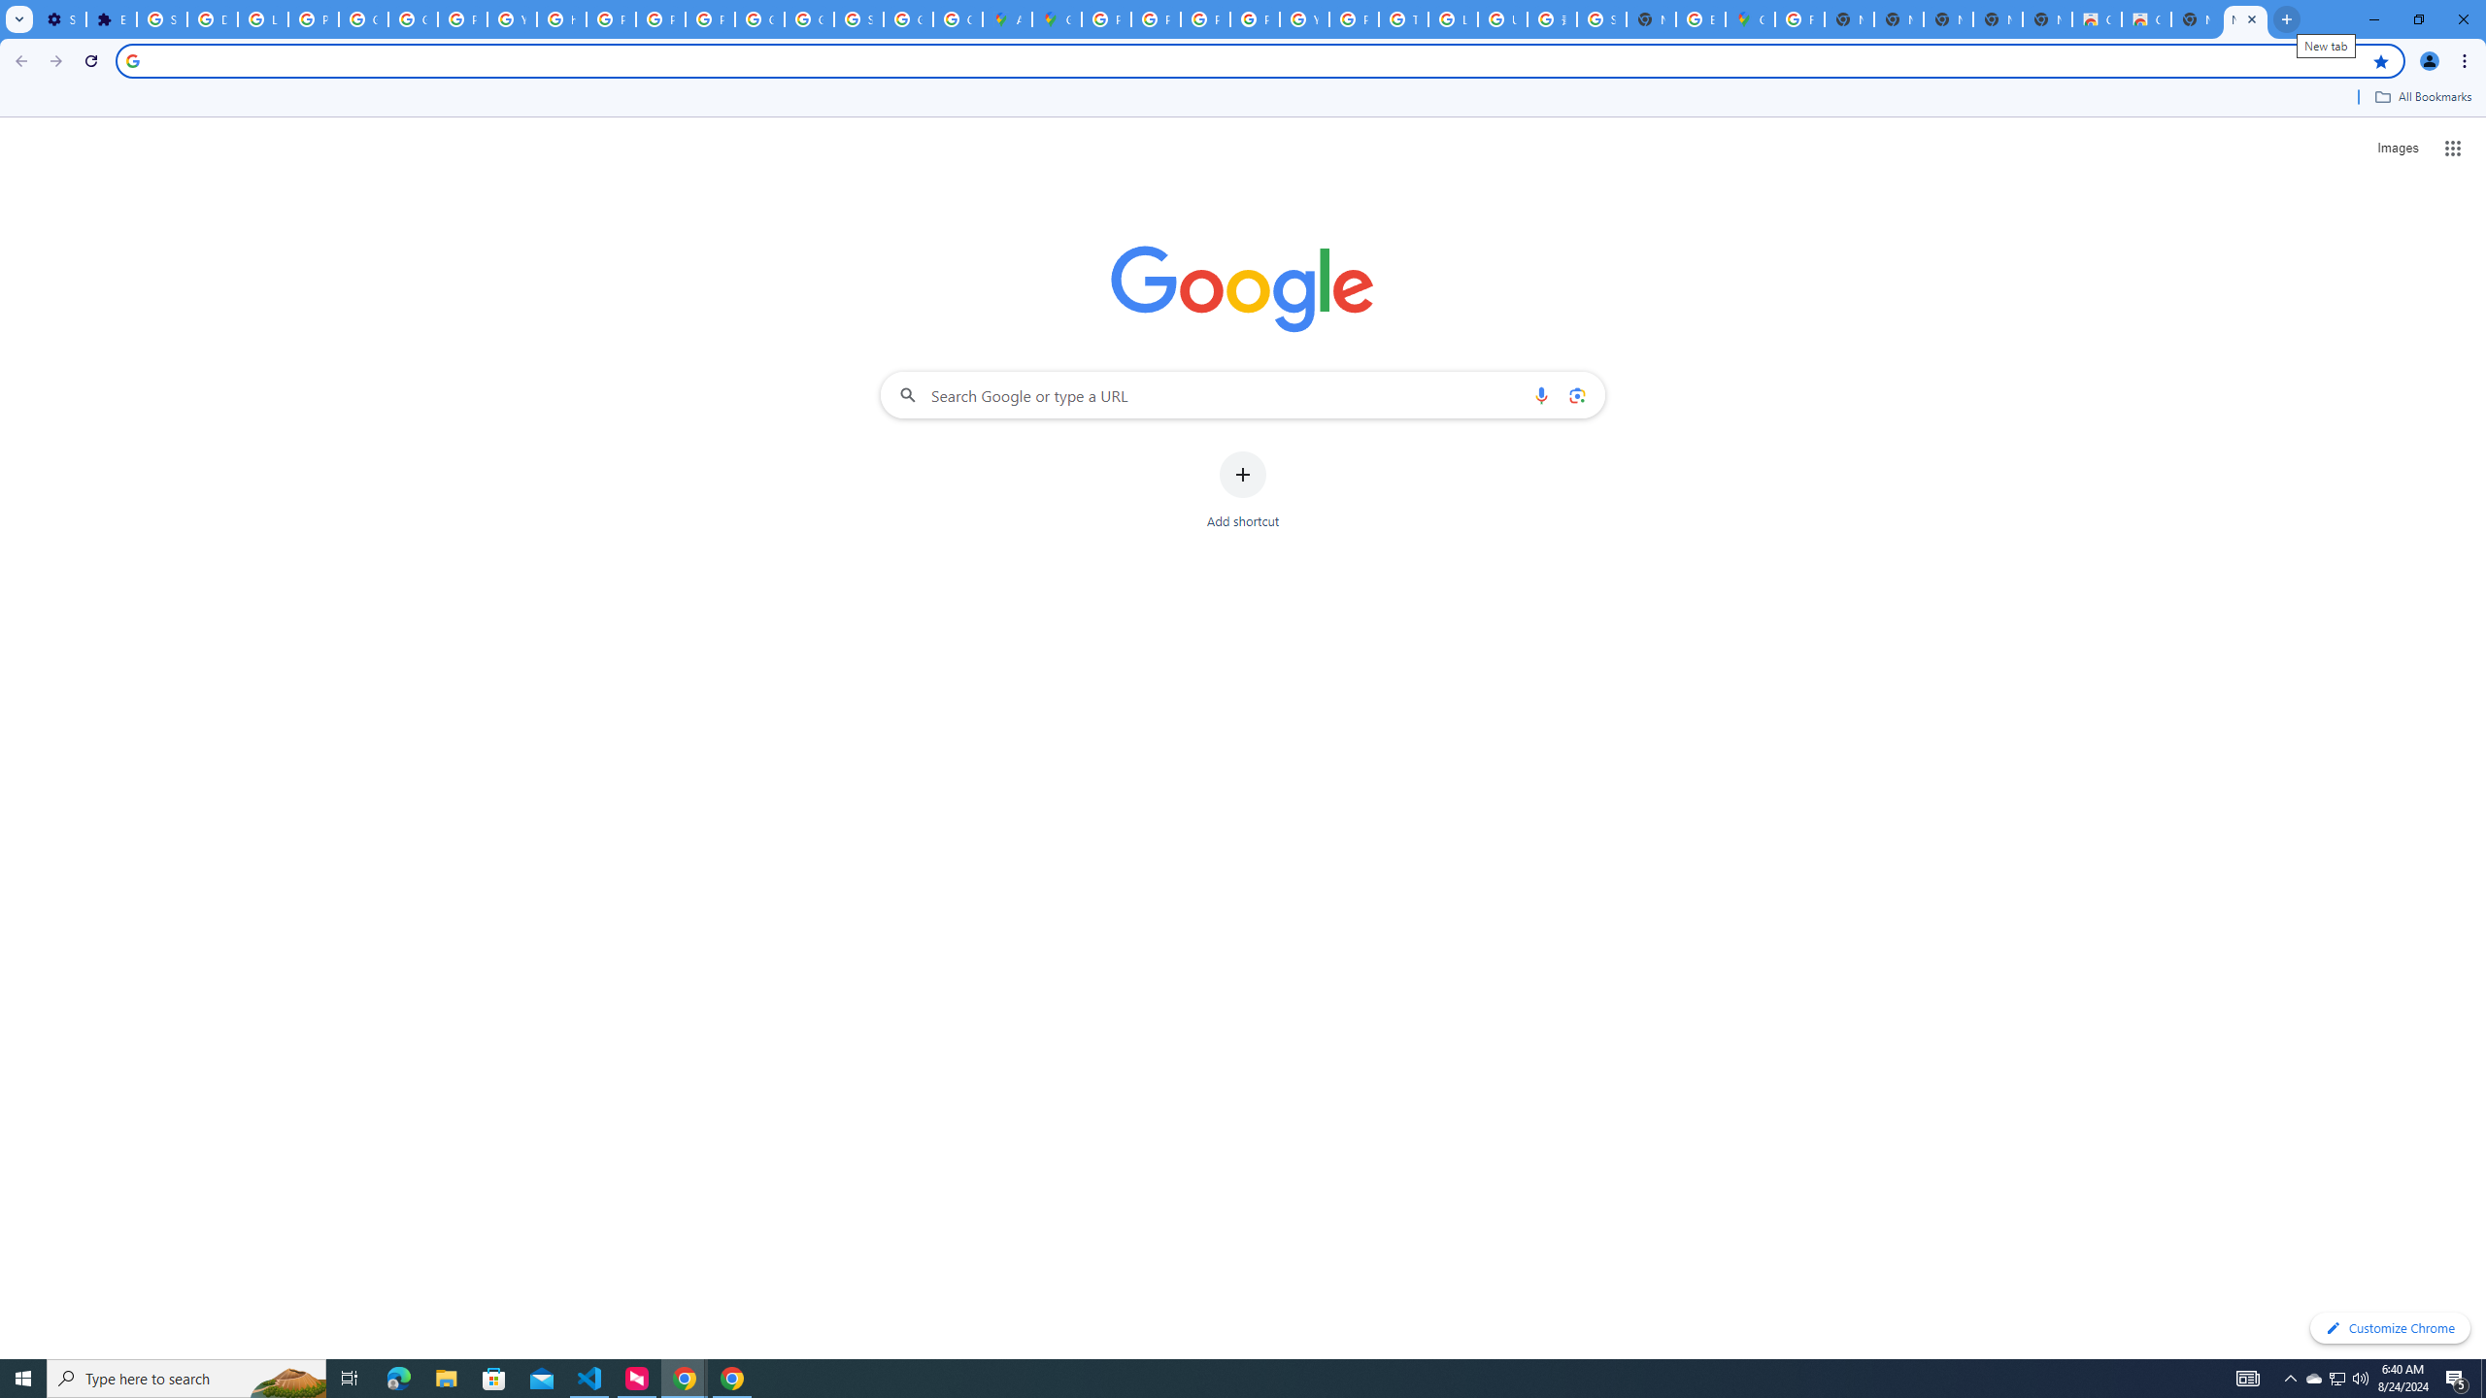 This screenshot has height=1398, width=2486. Describe the element at coordinates (2097, 18) in the screenshot. I see `'Classic Blue - Chrome Web Store'` at that location.